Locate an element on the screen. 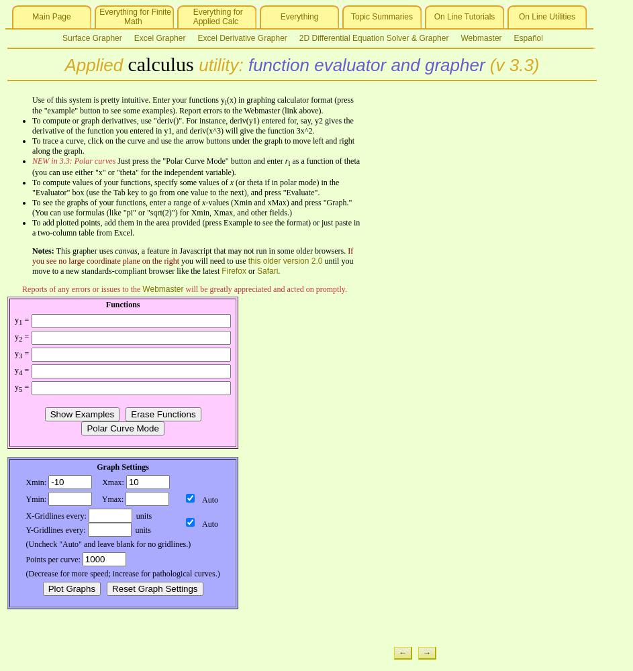 The image size is (633, 671). 'Y-Gridlines every:' is located at coordinates (26, 529).